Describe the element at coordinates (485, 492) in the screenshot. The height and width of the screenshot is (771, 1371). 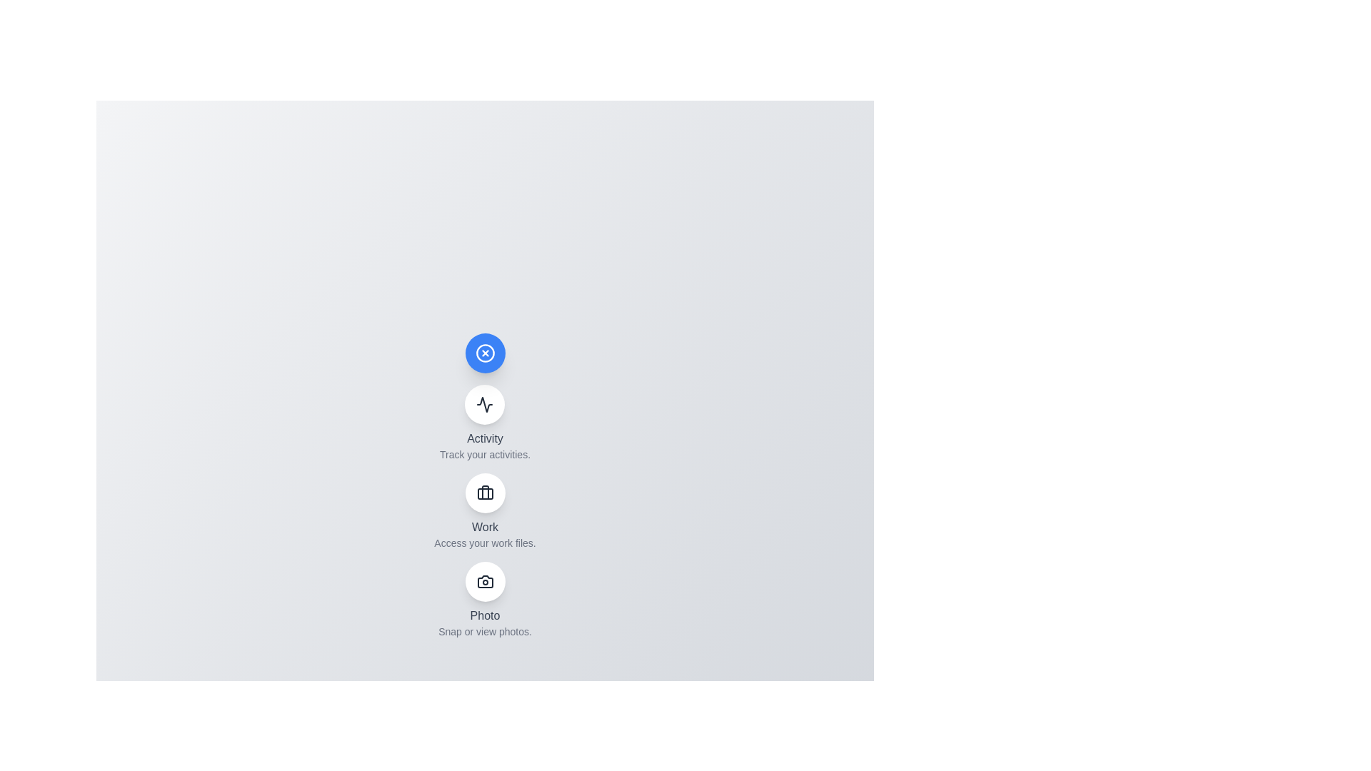
I see `the 'Work' button to access work files` at that location.